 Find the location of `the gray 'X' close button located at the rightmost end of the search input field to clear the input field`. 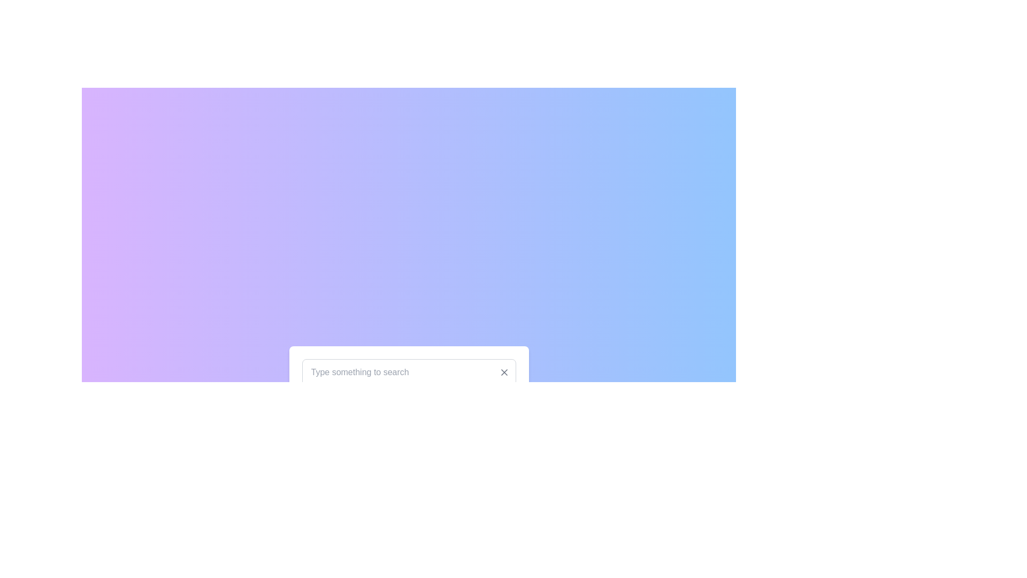

the gray 'X' close button located at the rightmost end of the search input field to clear the input field is located at coordinates (503, 371).